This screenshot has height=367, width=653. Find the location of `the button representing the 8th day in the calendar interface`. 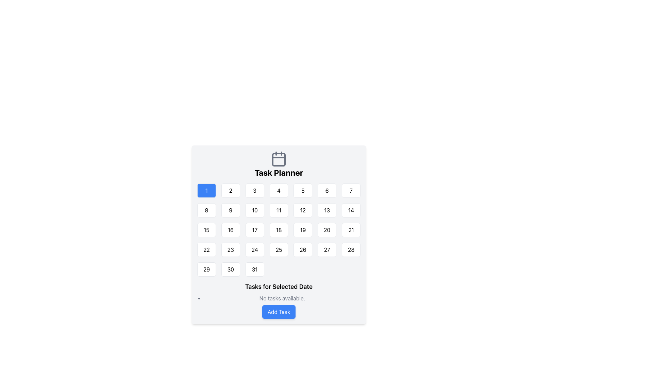

the button representing the 8th day in the calendar interface is located at coordinates (206, 210).